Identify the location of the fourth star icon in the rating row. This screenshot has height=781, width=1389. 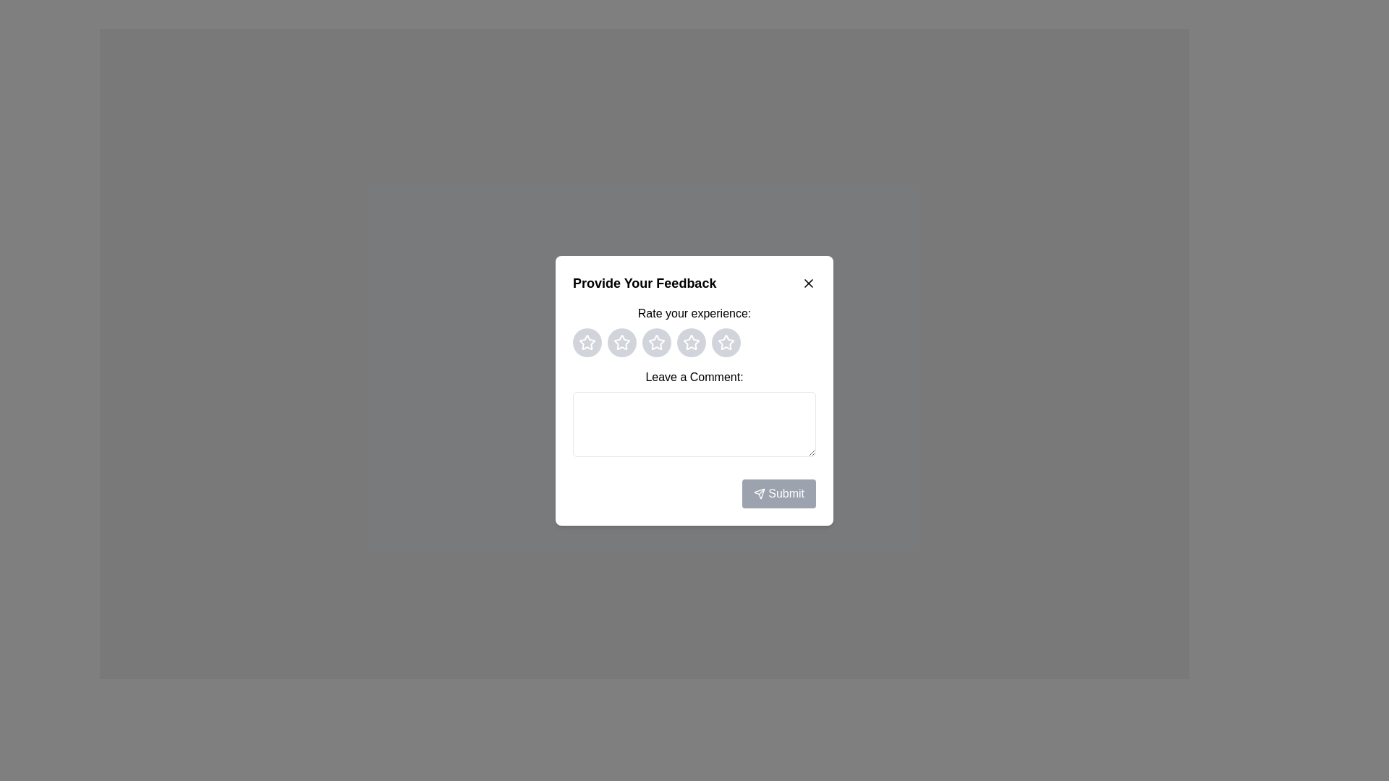
(726, 342).